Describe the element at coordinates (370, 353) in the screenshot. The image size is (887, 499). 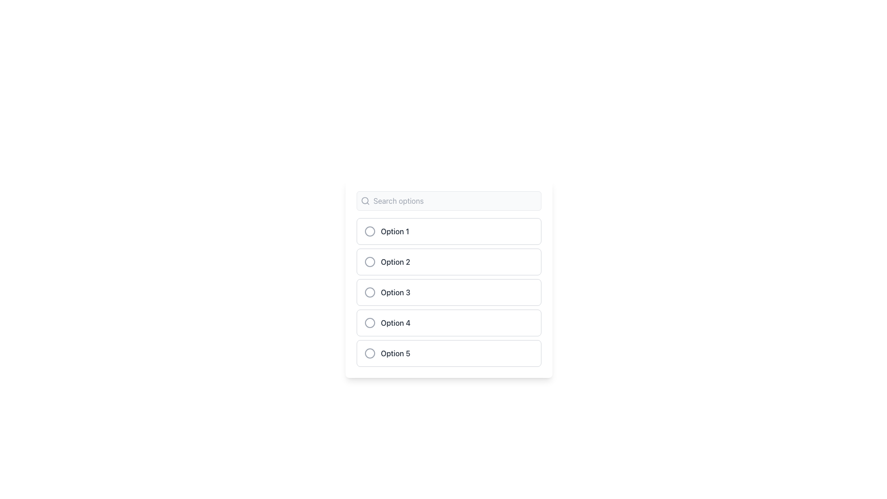
I see `the inner circle of the SVG graphical element that represents the selection indicator in the radio button interface` at that location.